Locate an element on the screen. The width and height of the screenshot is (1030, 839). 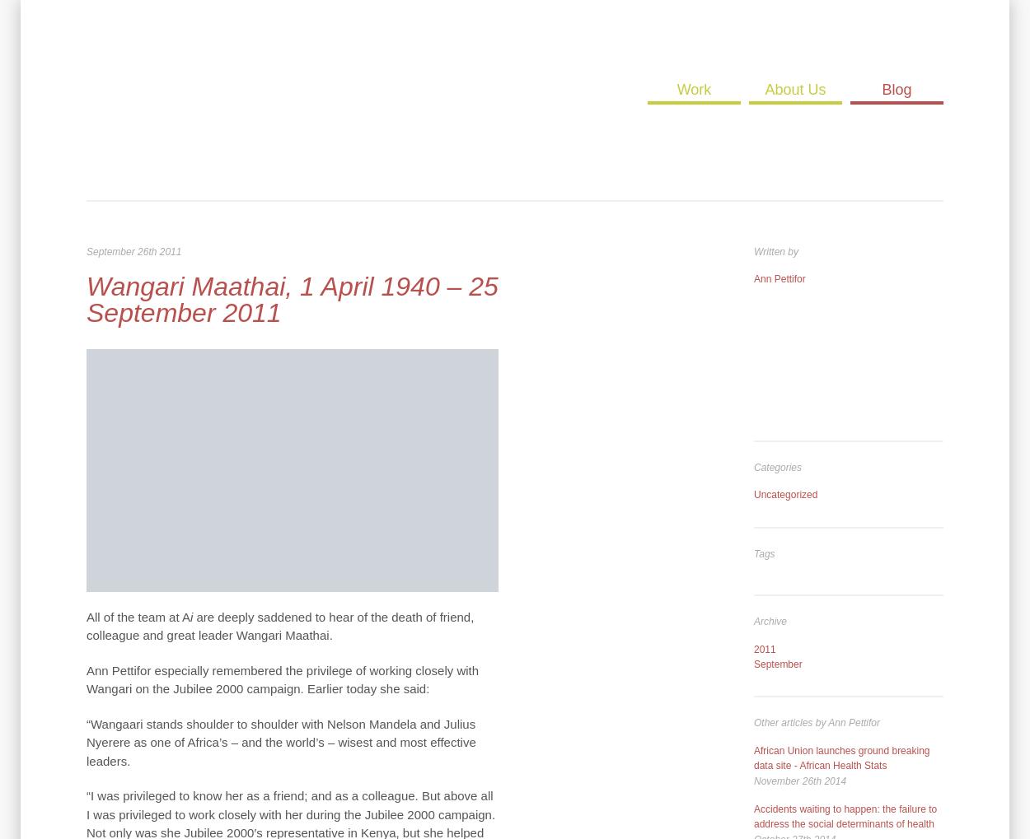
'Ann Pettifor' is located at coordinates (779, 279).